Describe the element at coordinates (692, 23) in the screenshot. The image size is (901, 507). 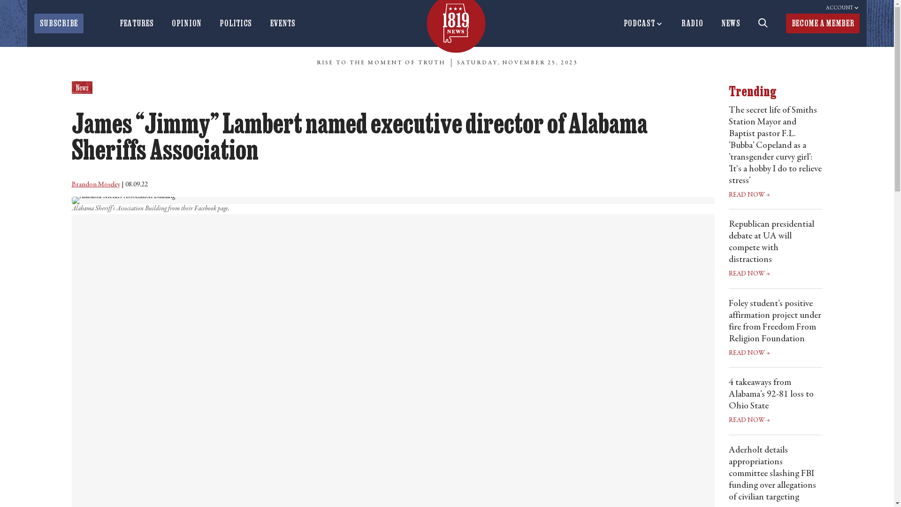
I see `'RADIO'` at that location.